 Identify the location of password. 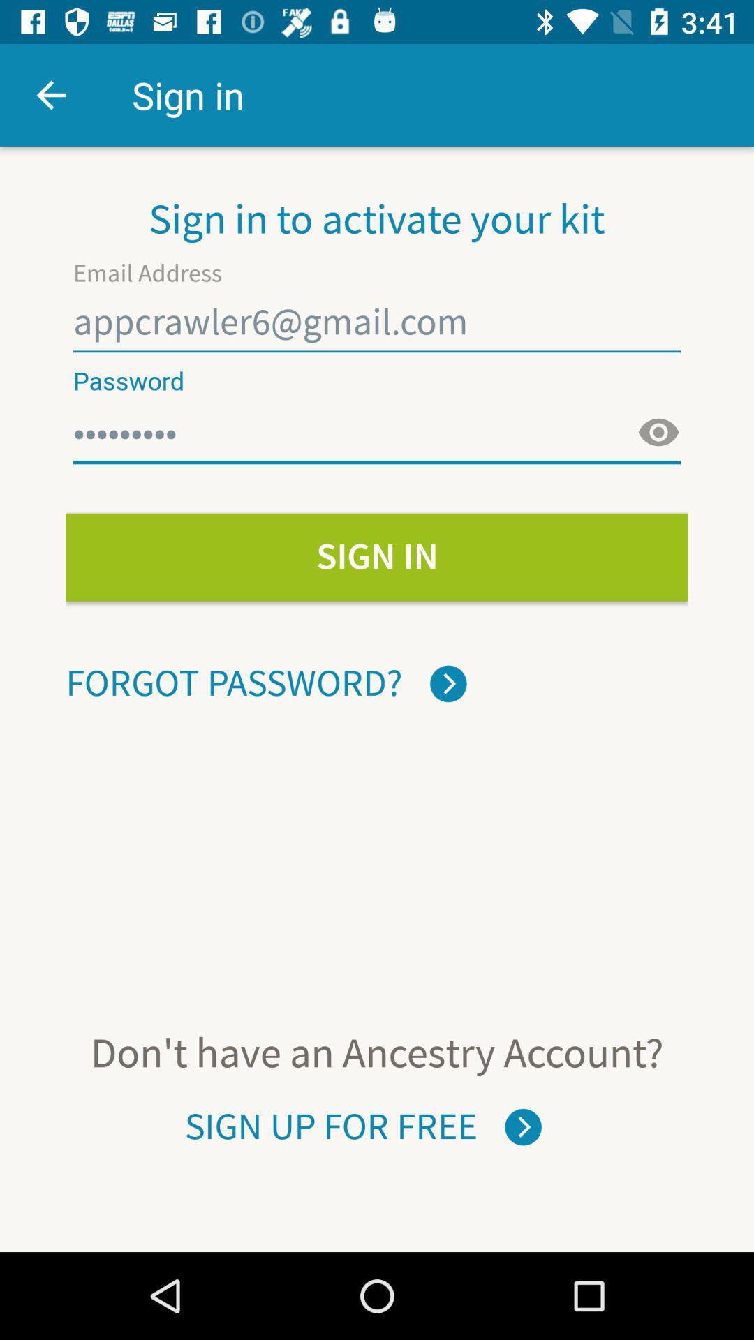
(658, 432).